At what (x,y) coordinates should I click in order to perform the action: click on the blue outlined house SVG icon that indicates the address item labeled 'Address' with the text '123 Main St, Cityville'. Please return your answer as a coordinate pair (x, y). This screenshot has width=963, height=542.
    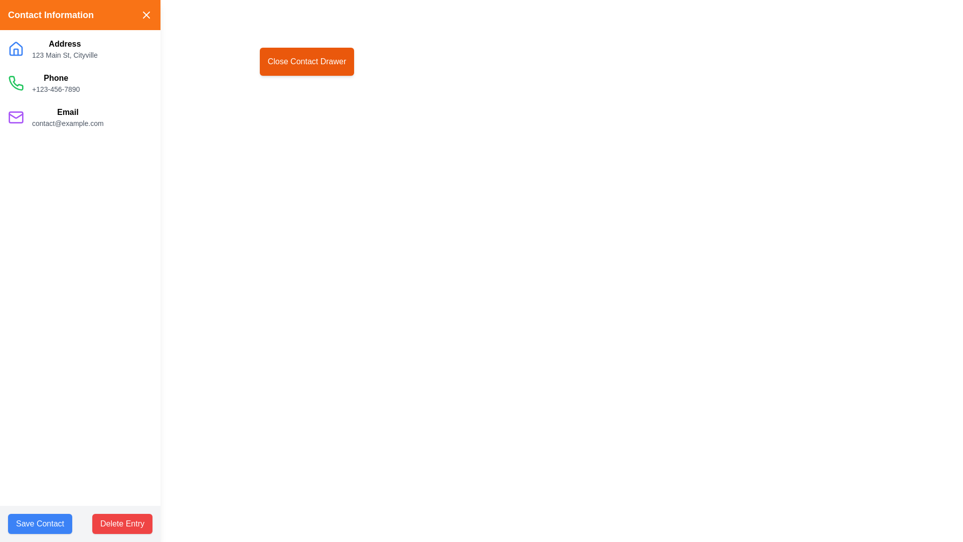
    Looking at the image, I should click on (16, 49).